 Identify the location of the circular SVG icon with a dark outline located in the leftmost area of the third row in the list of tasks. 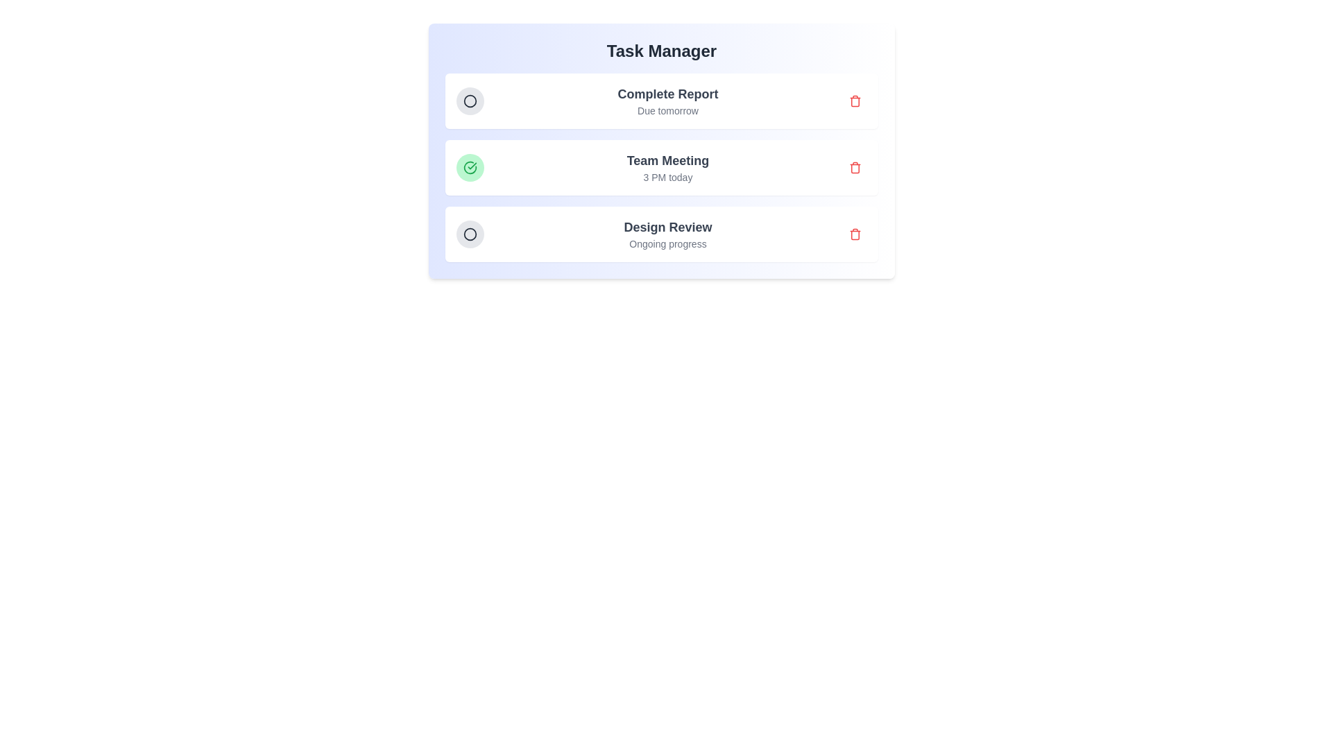
(470, 234).